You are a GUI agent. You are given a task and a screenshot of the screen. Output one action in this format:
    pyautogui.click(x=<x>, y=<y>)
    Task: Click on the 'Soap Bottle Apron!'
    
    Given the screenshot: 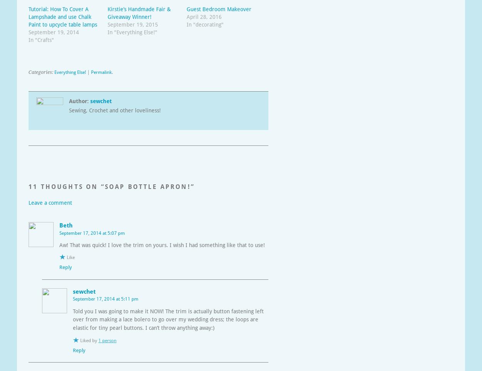 What is the action you would take?
    pyautogui.click(x=147, y=186)
    